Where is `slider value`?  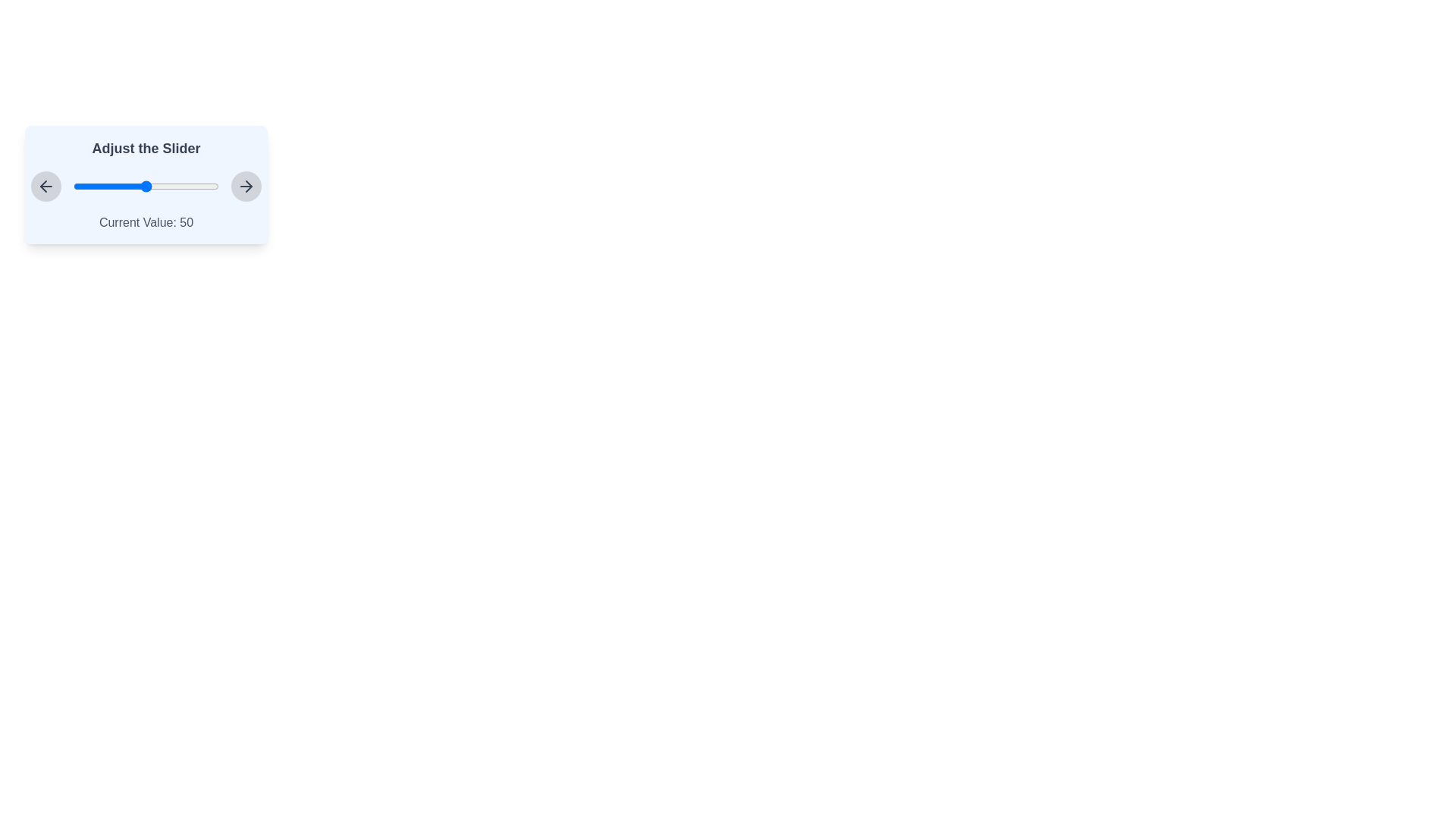
slider value is located at coordinates (187, 186).